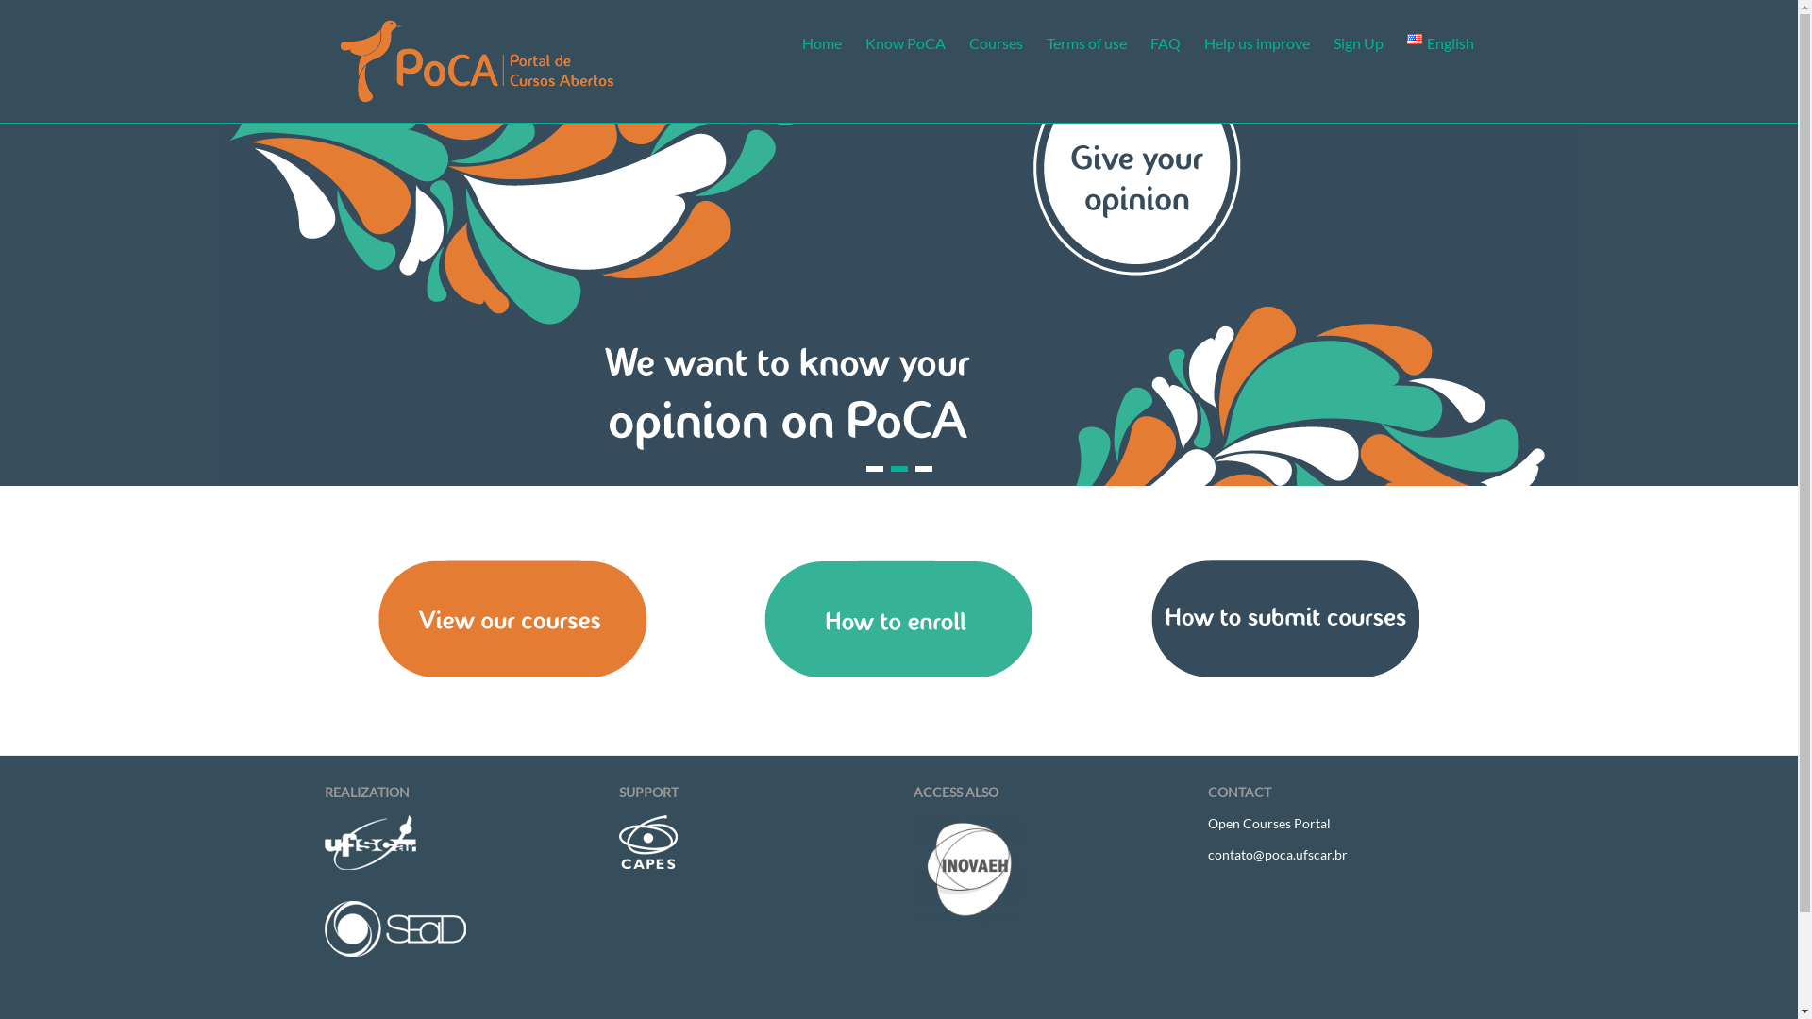  What do you see at coordinates (1045, 40) in the screenshot?
I see `'Terms of use'` at bounding box center [1045, 40].